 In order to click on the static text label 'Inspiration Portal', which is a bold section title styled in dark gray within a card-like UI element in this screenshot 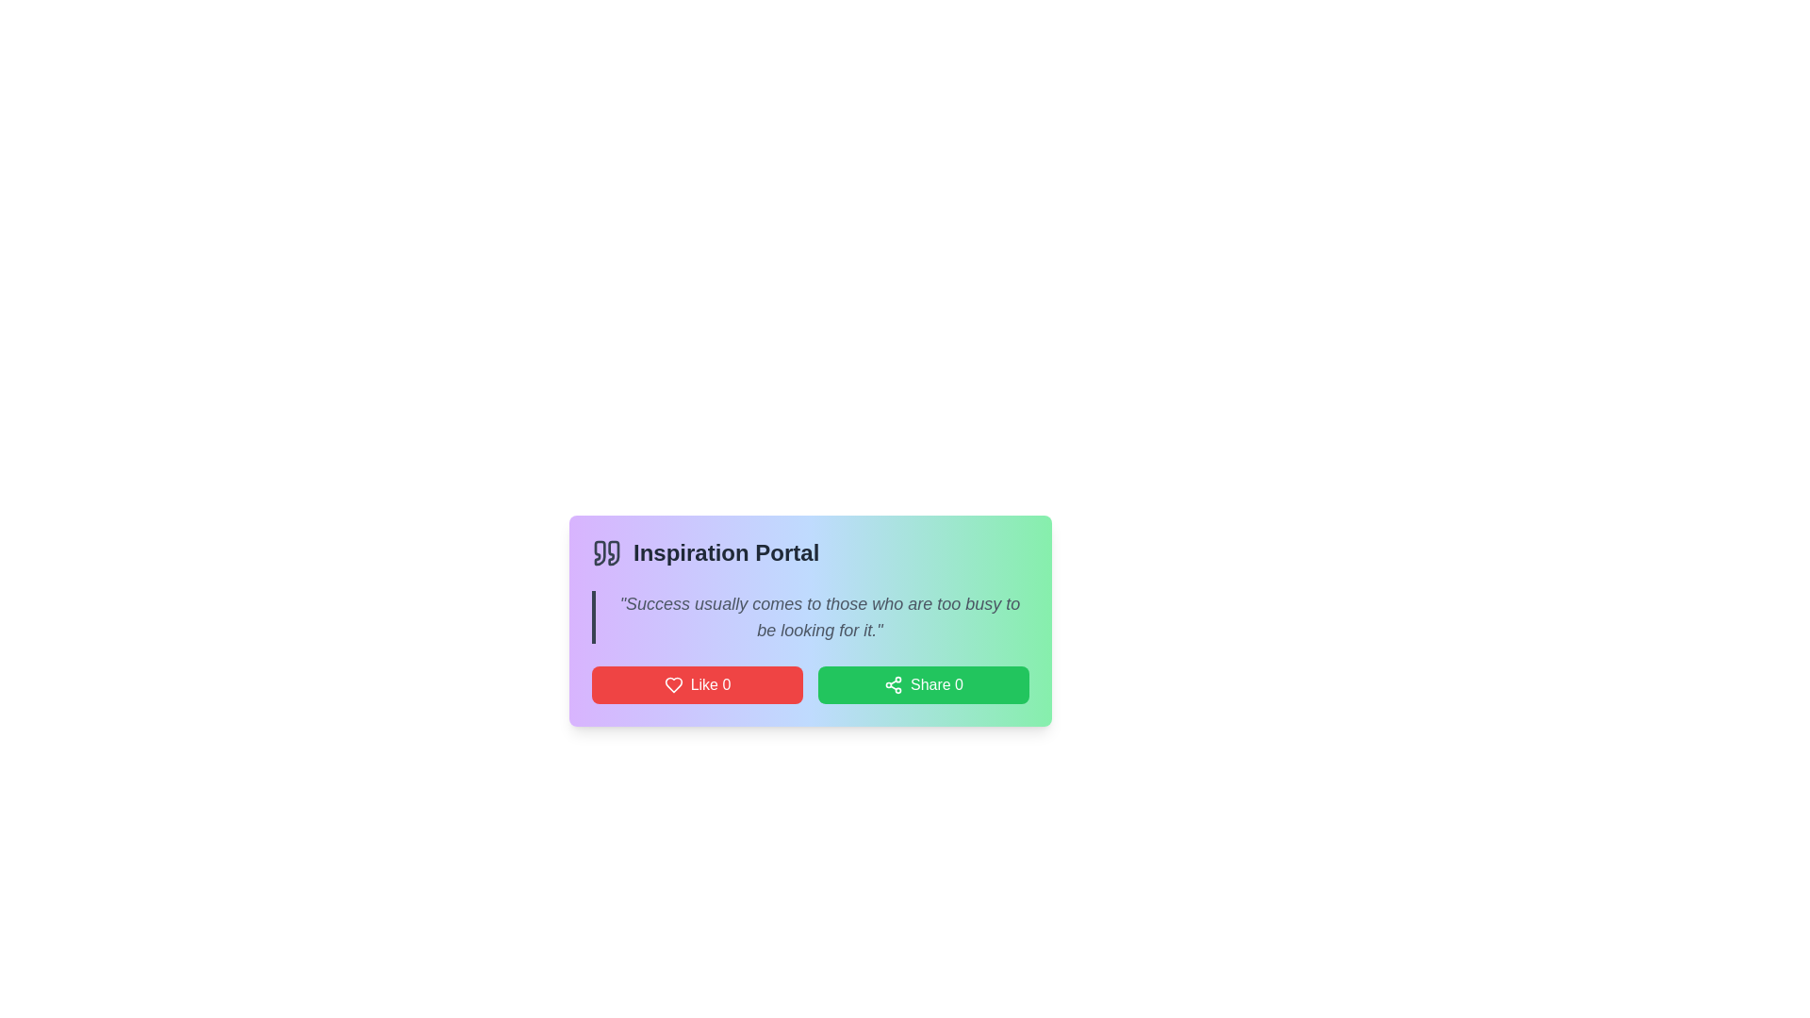, I will do `click(725, 551)`.